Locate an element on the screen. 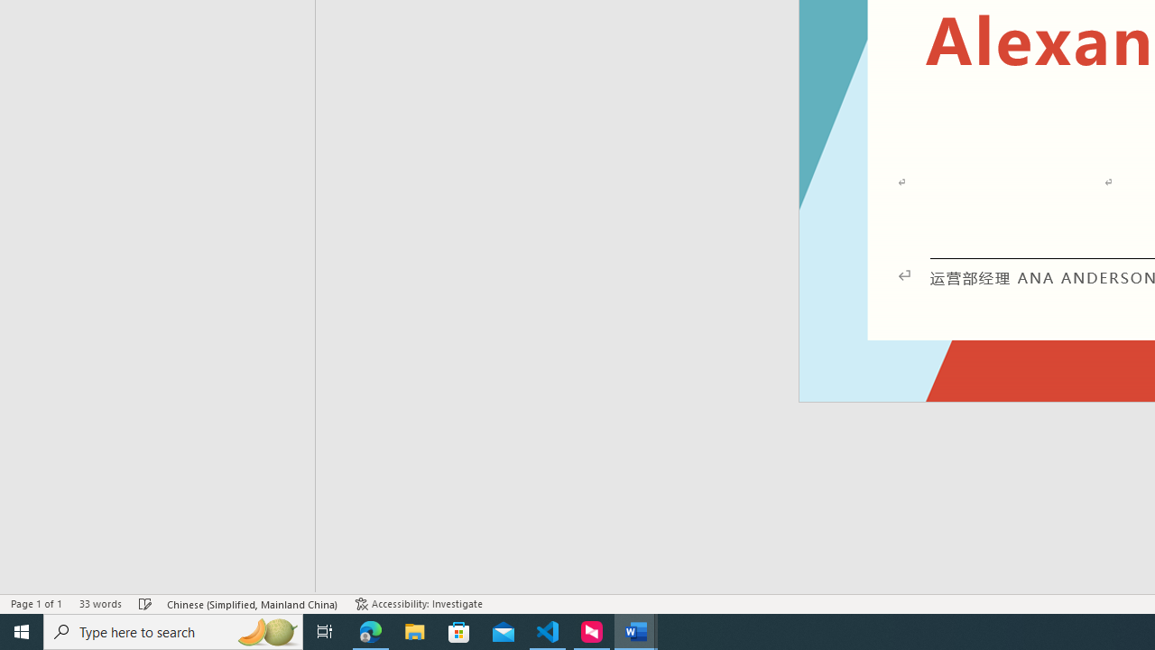  'Task View' is located at coordinates (324, 630).